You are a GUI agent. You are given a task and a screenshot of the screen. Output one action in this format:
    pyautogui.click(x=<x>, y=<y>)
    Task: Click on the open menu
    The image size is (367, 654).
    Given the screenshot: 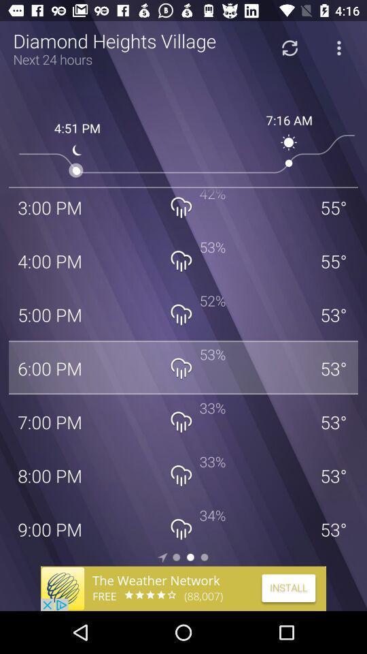 What is the action you would take?
    pyautogui.click(x=338, y=48)
    